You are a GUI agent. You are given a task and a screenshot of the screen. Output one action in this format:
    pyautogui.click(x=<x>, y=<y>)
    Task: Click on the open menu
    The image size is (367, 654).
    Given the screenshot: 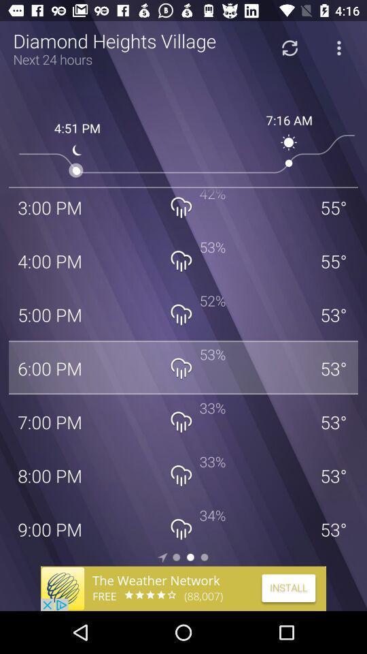 What is the action you would take?
    pyautogui.click(x=338, y=48)
    